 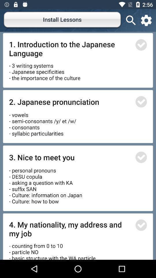 What do you see at coordinates (53, 249) in the screenshot?
I see `icon below the 4 my nationality item` at bounding box center [53, 249].